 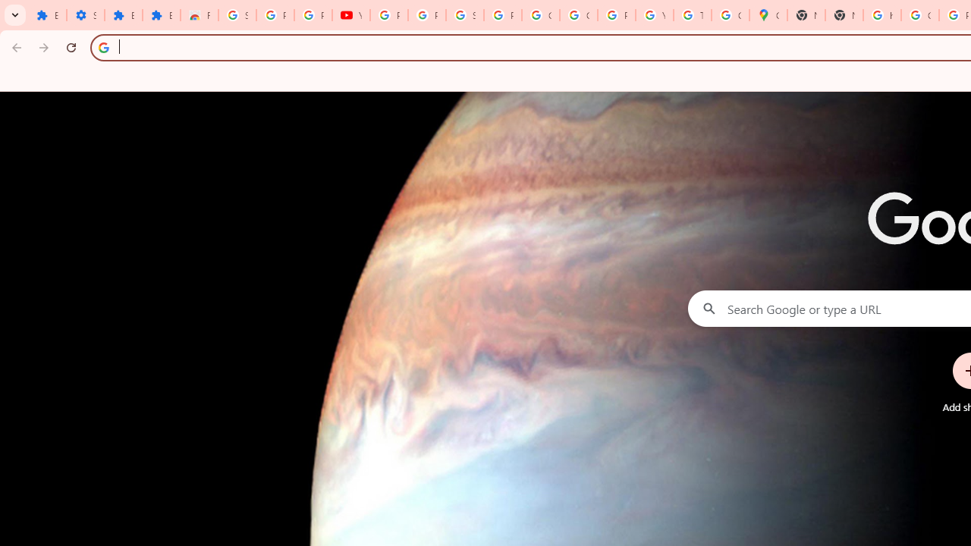 What do you see at coordinates (806, 15) in the screenshot?
I see `'New Tab'` at bounding box center [806, 15].